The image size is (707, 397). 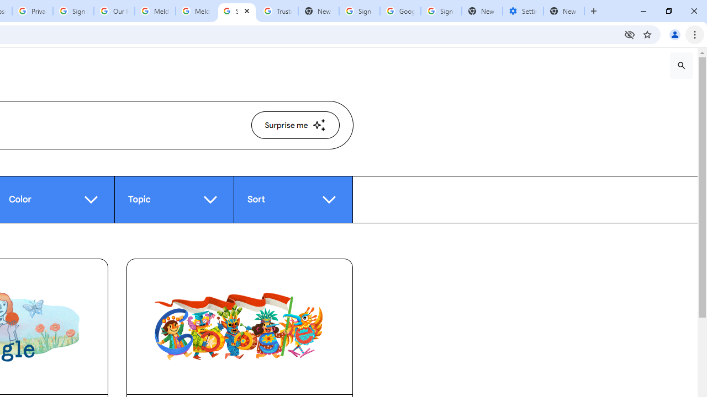 I want to click on 'Sort', so click(x=293, y=199).